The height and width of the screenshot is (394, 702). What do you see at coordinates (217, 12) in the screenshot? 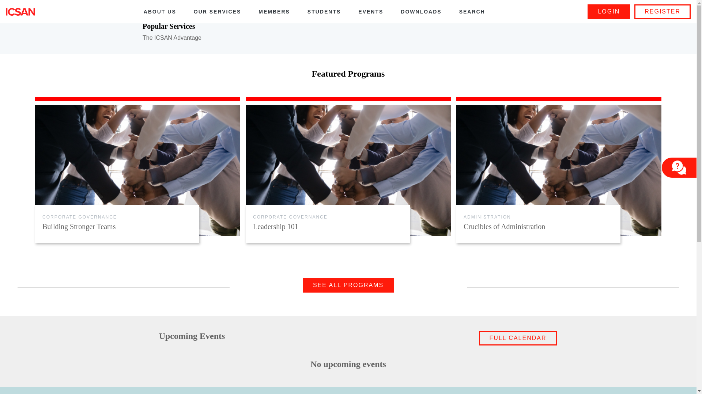
I see `'OUR SERVICES'` at bounding box center [217, 12].